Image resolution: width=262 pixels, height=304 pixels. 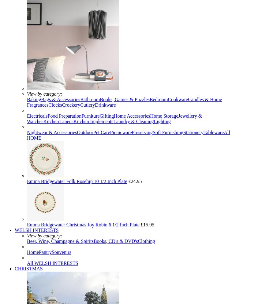 What do you see at coordinates (61, 252) in the screenshot?
I see `'Souvenirs'` at bounding box center [61, 252].